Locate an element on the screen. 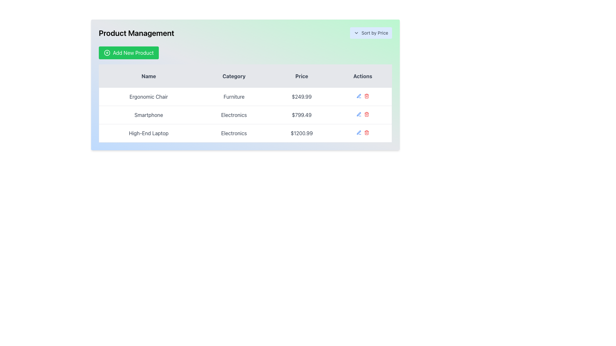  the outlined rectangular trash can icon in the 'Actions' column of the second row of the table is located at coordinates (366, 96).